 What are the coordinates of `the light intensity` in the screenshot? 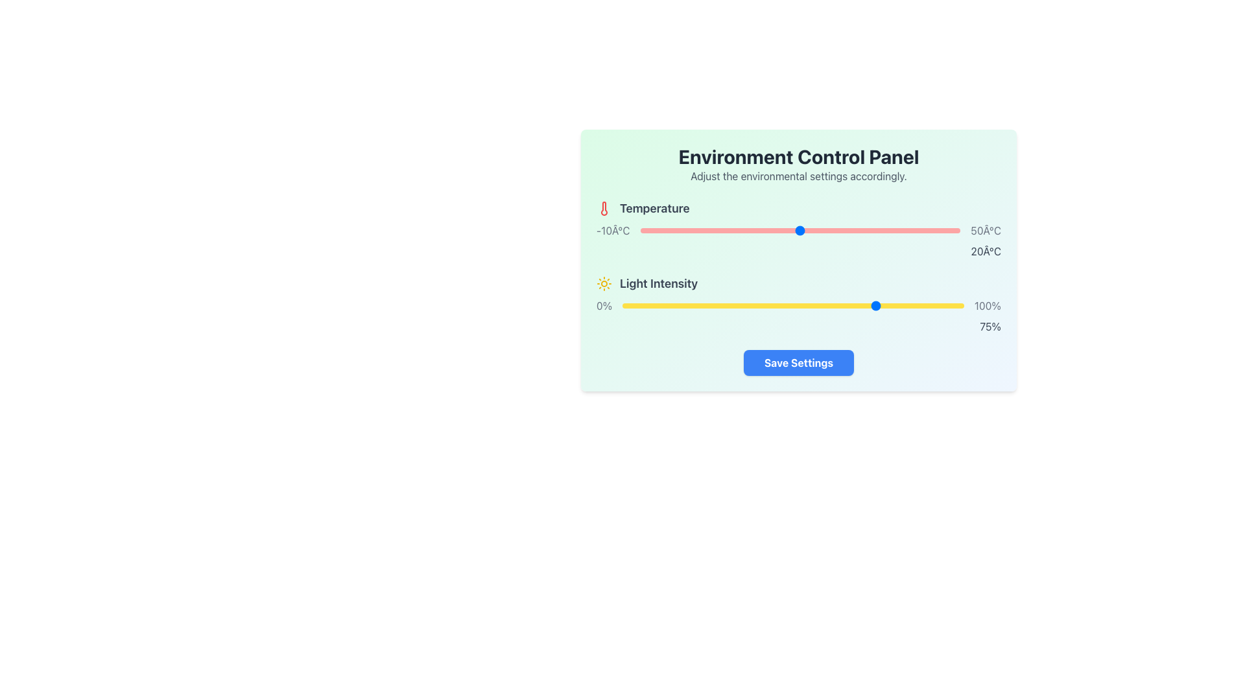 It's located at (759, 305).